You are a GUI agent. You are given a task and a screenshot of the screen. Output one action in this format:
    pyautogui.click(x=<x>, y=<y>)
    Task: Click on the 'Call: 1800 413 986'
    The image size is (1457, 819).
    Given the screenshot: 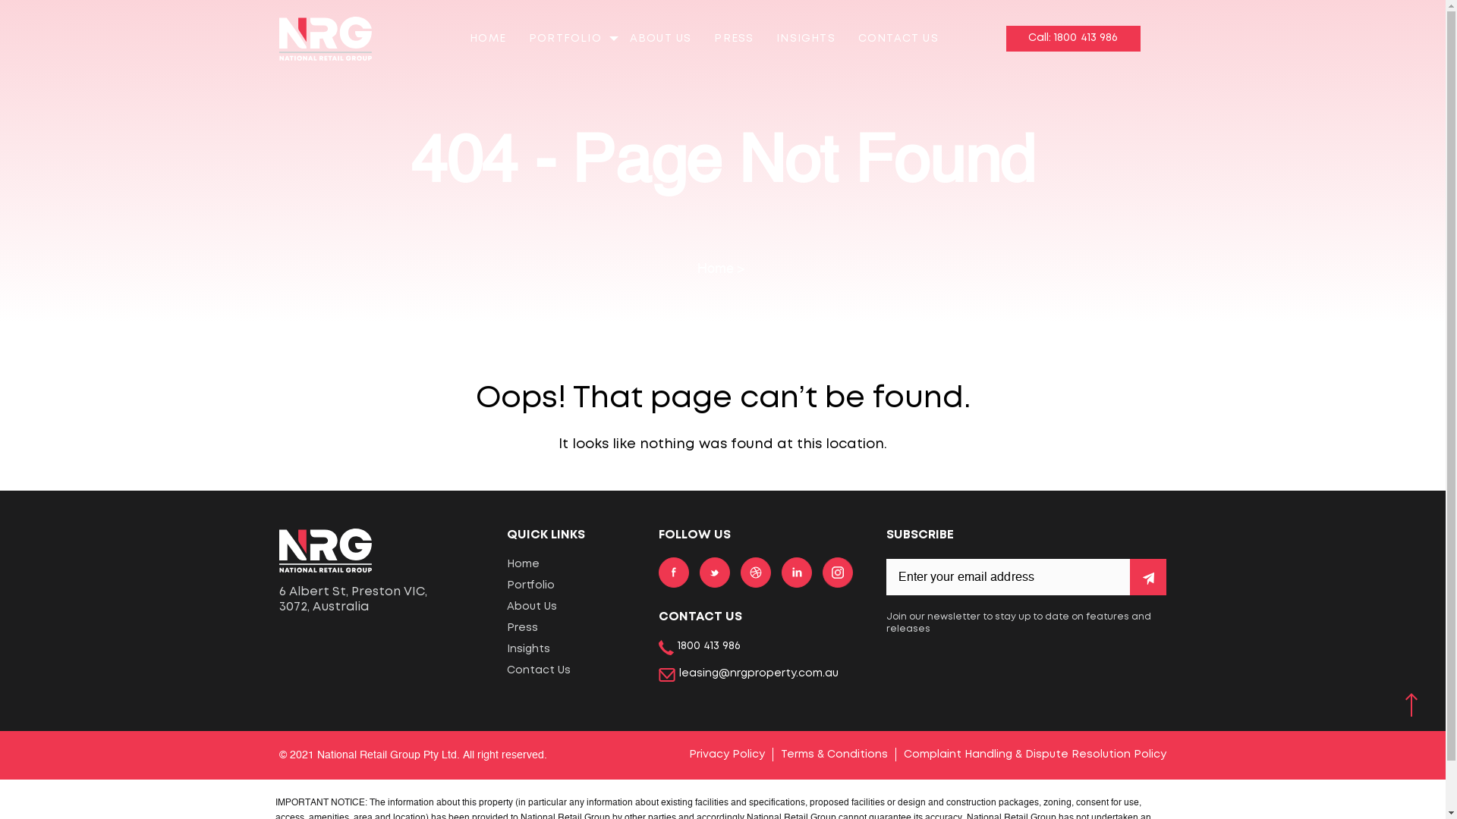 What is the action you would take?
    pyautogui.click(x=1072, y=37)
    